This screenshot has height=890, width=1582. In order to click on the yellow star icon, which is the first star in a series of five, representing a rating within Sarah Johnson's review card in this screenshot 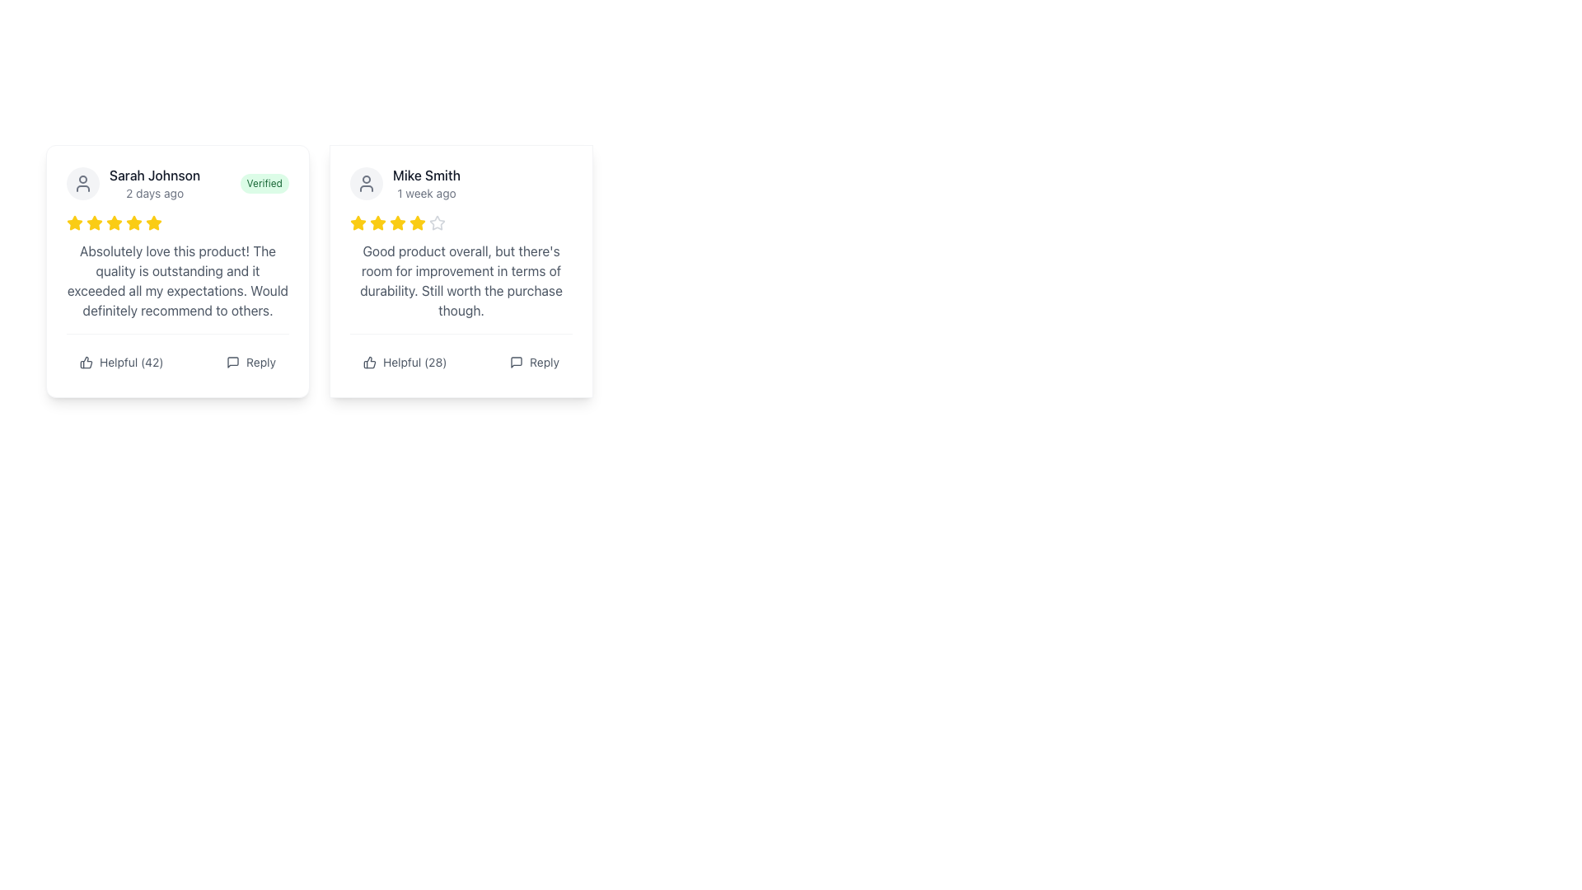, I will do `click(74, 222)`.